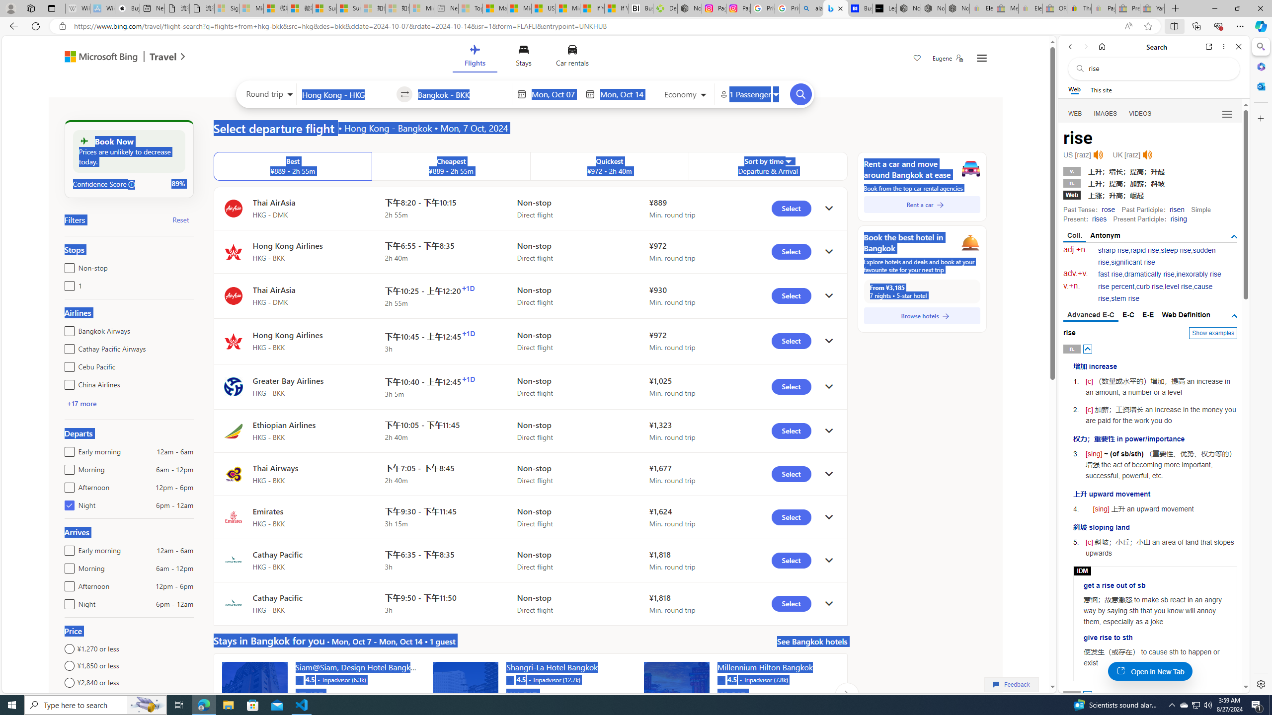  Describe the element at coordinates (624, 94) in the screenshot. I see `'End date'` at that location.